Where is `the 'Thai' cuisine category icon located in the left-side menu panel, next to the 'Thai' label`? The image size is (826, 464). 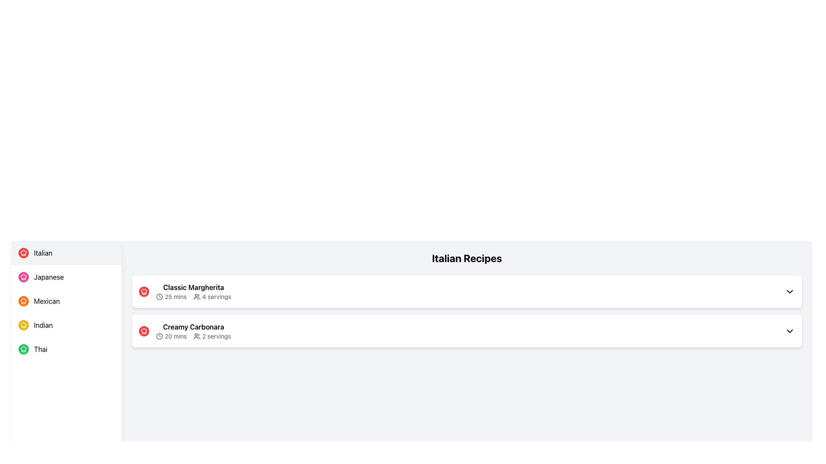 the 'Thai' cuisine category icon located in the left-side menu panel, next to the 'Thai' label is located at coordinates (23, 349).